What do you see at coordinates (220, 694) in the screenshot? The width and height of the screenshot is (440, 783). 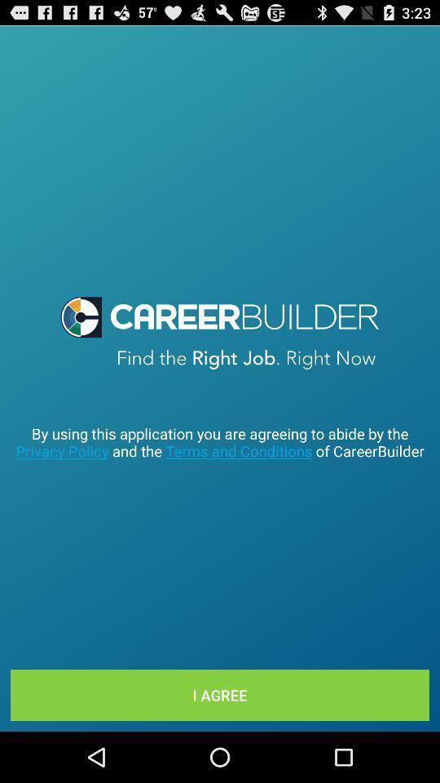 I see `the i agree at the bottom` at bounding box center [220, 694].